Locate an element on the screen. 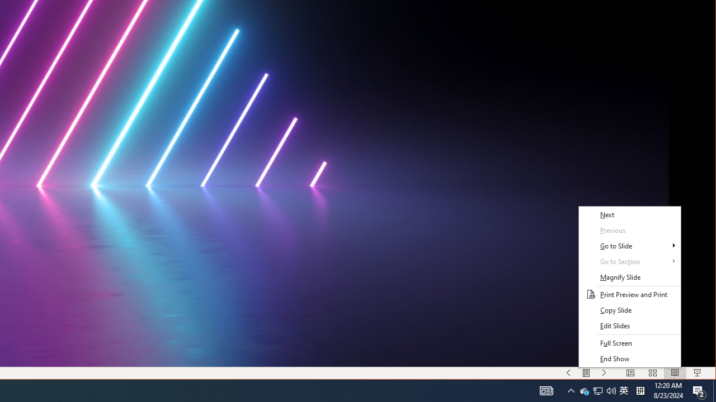  'Previous' is located at coordinates (629, 229).